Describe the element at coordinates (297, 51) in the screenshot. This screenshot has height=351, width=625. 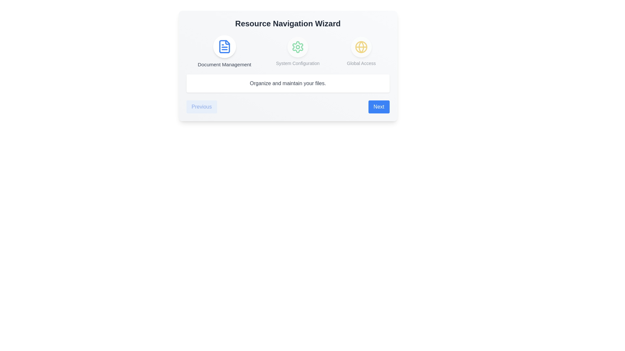
I see `the step icon corresponding to System Configuration to navigate to that step` at that location.